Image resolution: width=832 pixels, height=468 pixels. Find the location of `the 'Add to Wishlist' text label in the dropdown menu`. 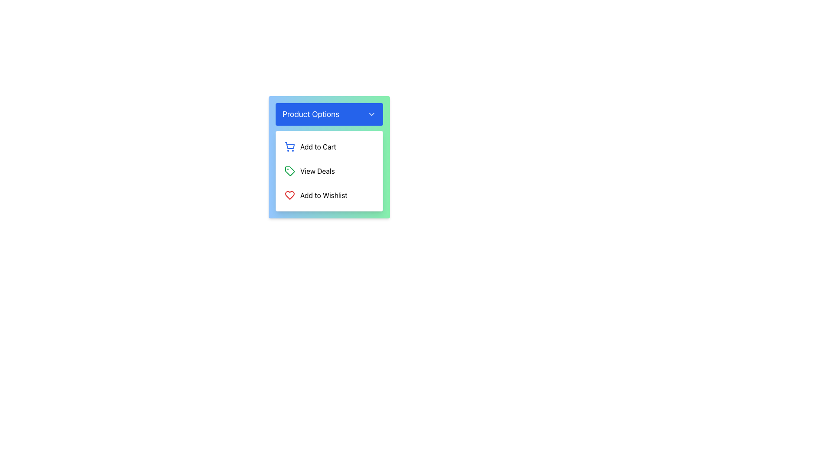

the 'Add to Wishlist' text label in the dropdown menu is located at coordinates (323, 195).